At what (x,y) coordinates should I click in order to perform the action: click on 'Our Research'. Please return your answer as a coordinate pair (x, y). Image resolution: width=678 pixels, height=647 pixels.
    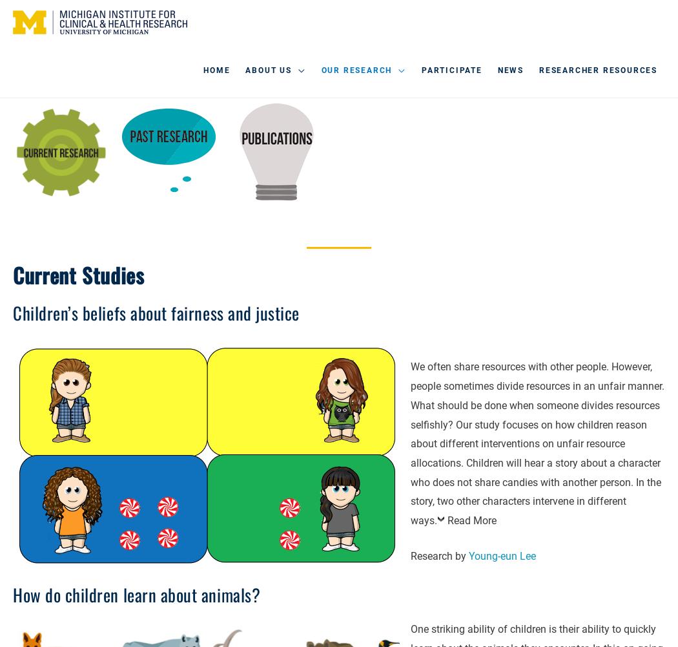
    Looking at the image, I should click on (320, 70).